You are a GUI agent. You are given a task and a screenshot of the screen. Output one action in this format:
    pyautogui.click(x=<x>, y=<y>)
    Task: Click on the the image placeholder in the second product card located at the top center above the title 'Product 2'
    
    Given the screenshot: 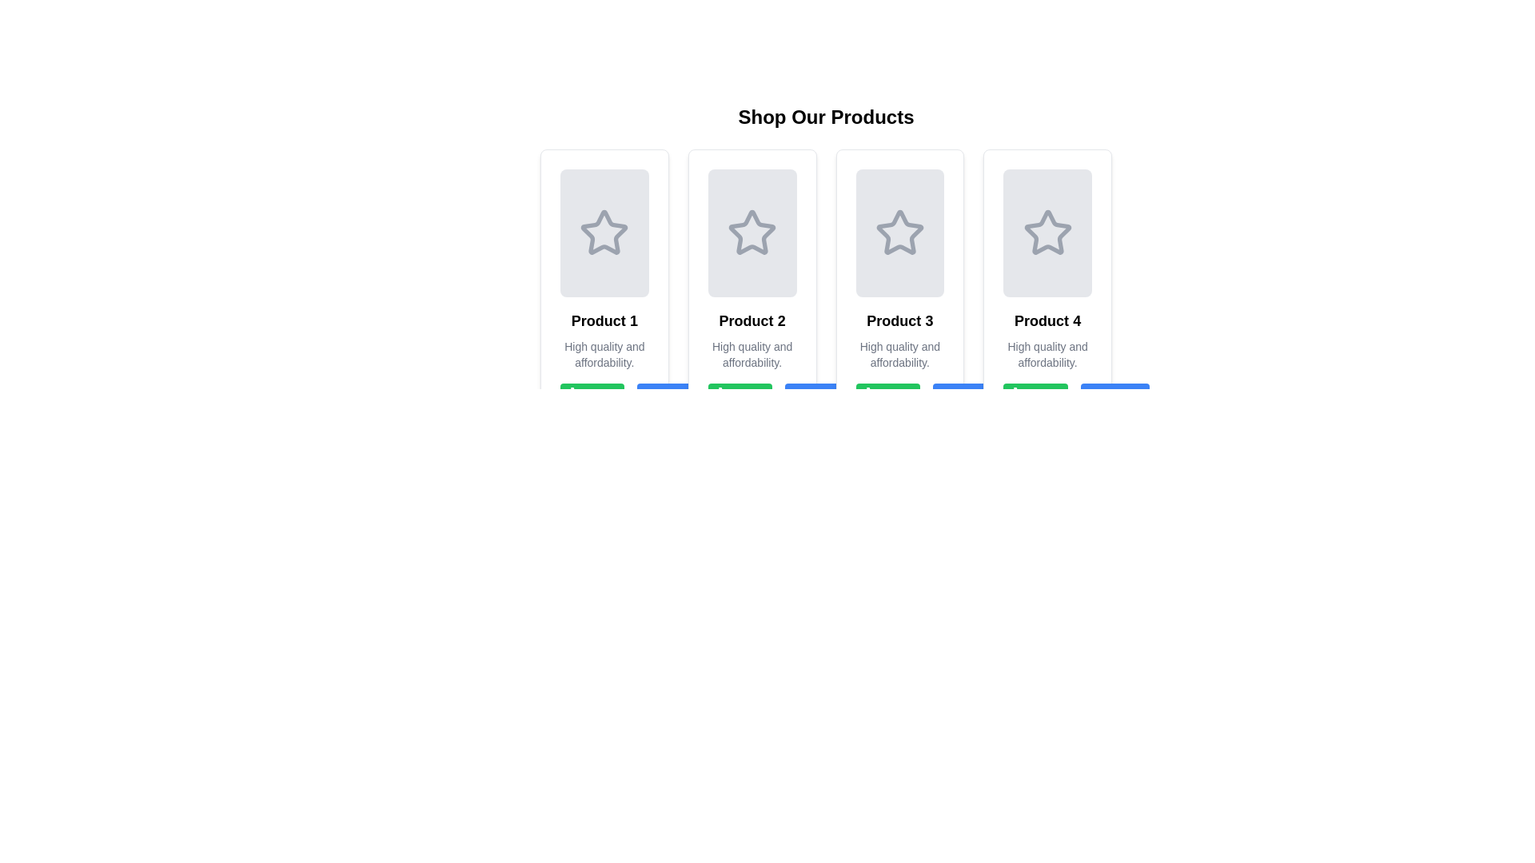 What is the action you would take?
    pyautogui.click(x=752, y=233)
    